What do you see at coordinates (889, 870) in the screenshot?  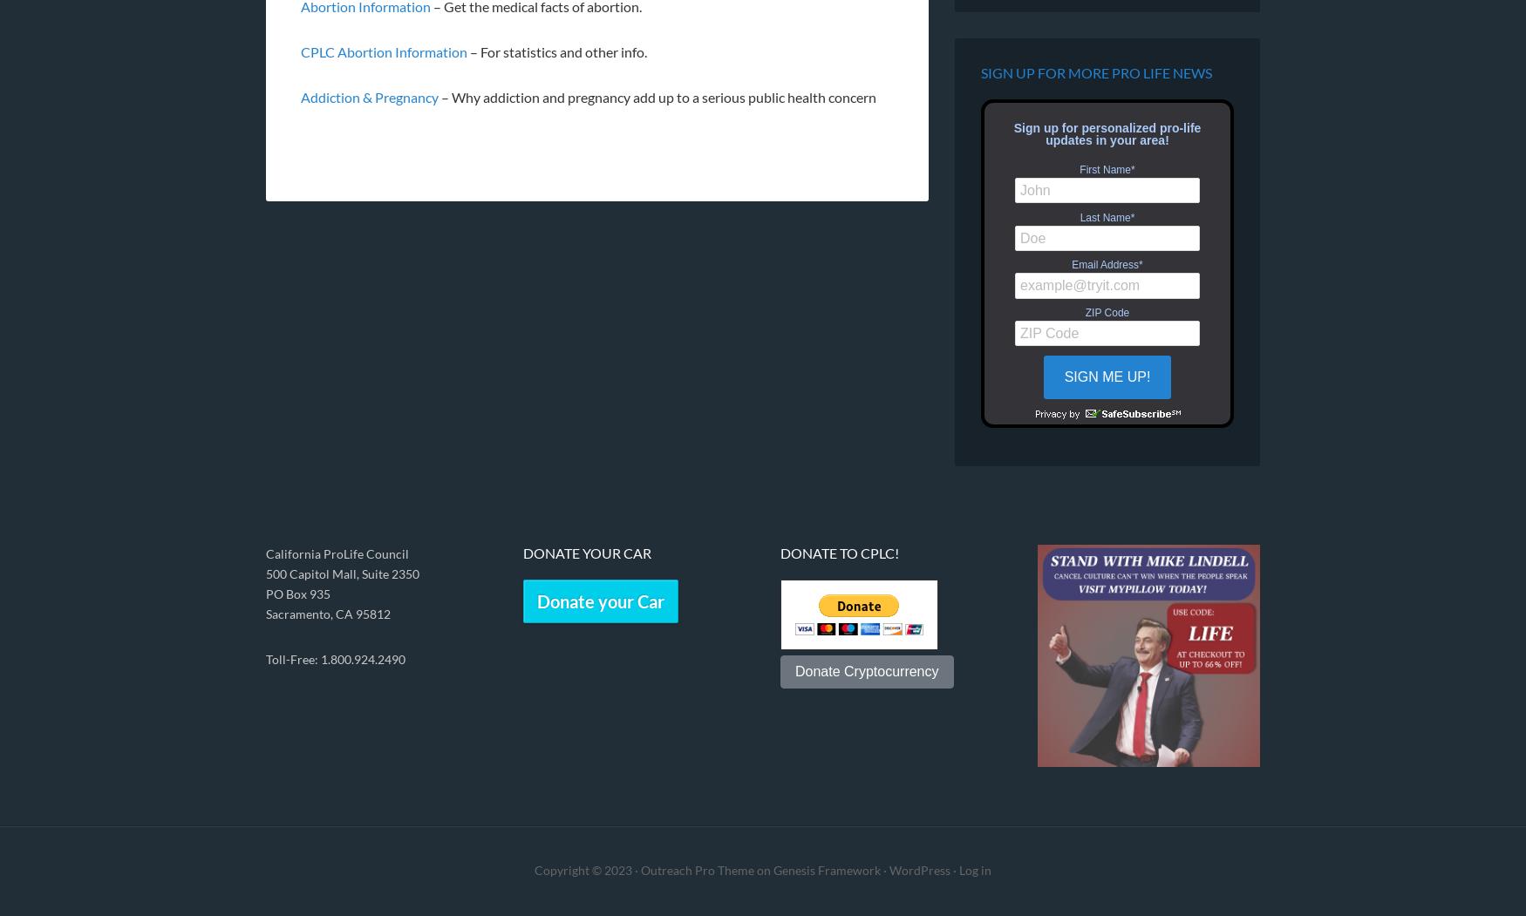 I see `'WordPress'` at bounding box center [889, 870].